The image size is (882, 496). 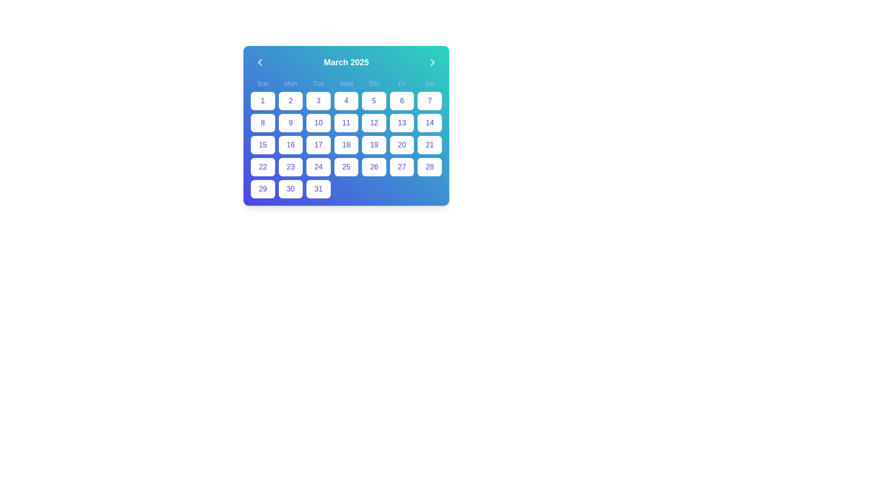 What do you see at coordinates (374, 167) in the screenshot?
I see `the selectable day button for the date 26, located in the fifth column of the fifth row under the 'Fri' header in the calendar interface` at bounding box center [374, 167].